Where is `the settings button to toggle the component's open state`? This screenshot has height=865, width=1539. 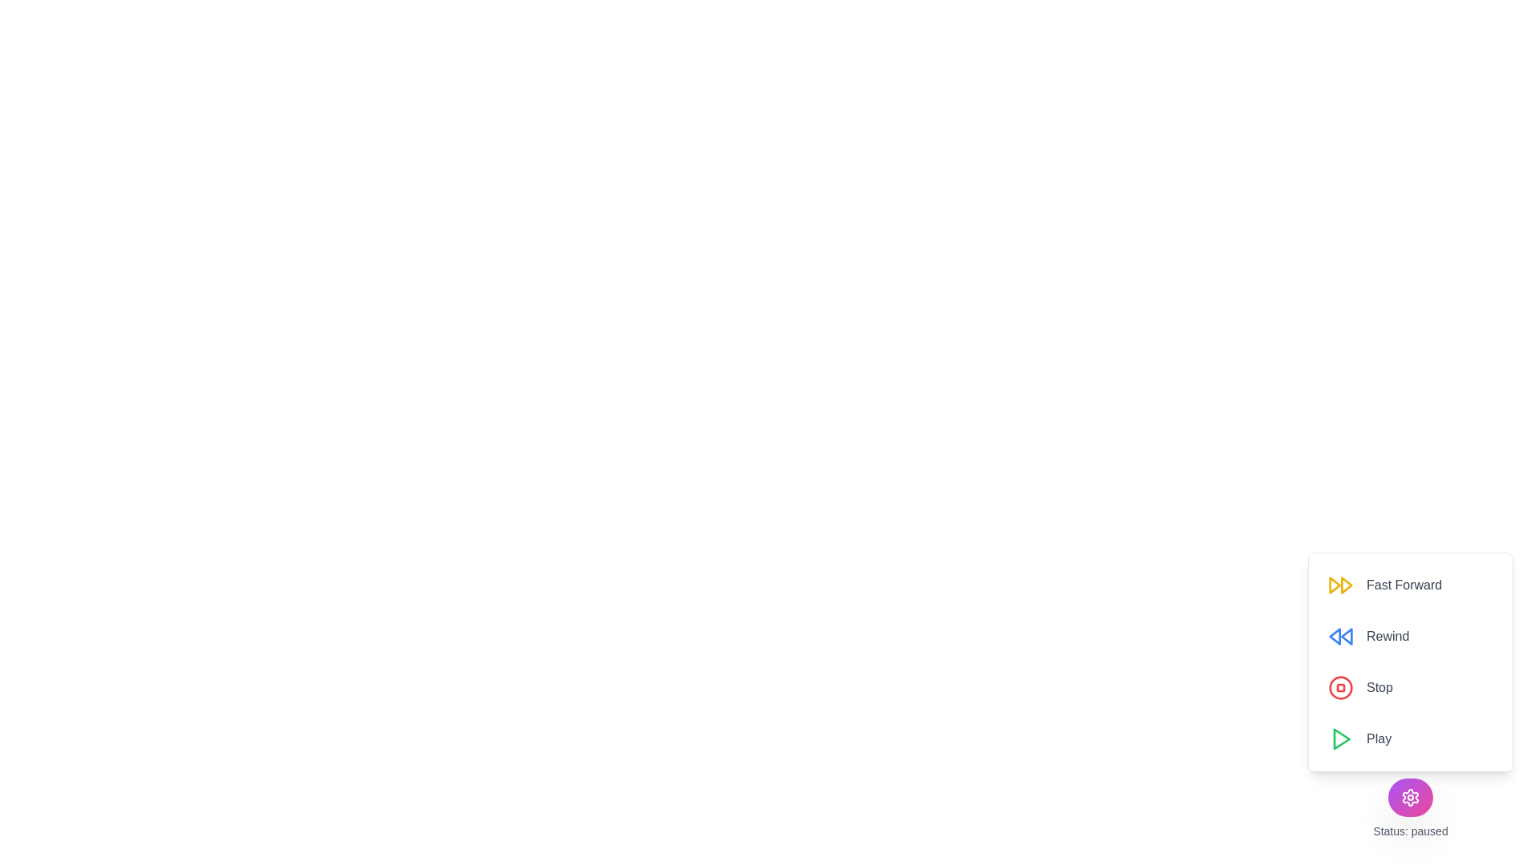
the settings button to toggle the component's open state is located at coordinates (1411, 797).